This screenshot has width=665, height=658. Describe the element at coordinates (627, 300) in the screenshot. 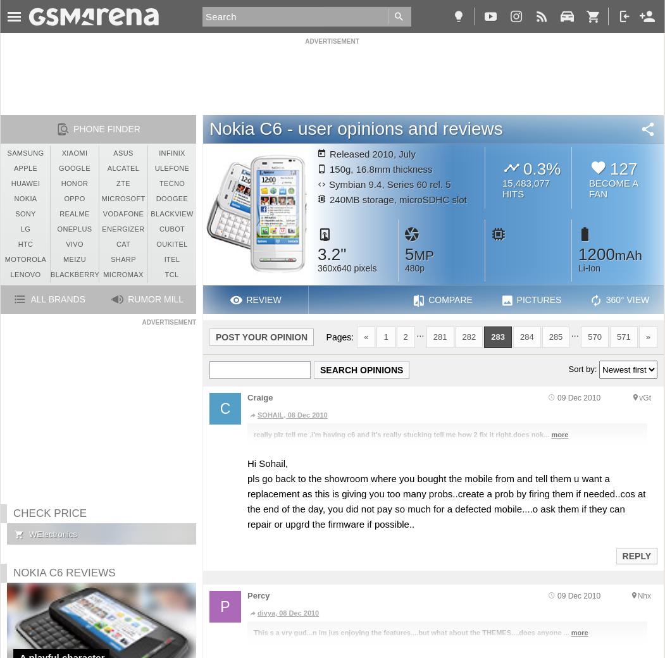

I see `'360° view'` at that location.